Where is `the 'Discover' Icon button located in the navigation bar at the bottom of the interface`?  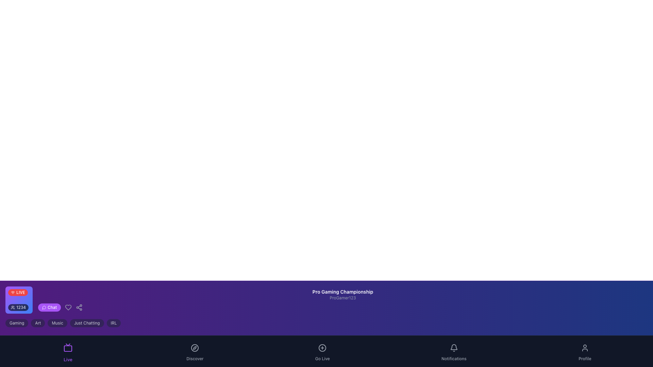 the 'Discover' Icon button located in the navigation bar at the bottom of the interface is located at coordinates (195, 348).